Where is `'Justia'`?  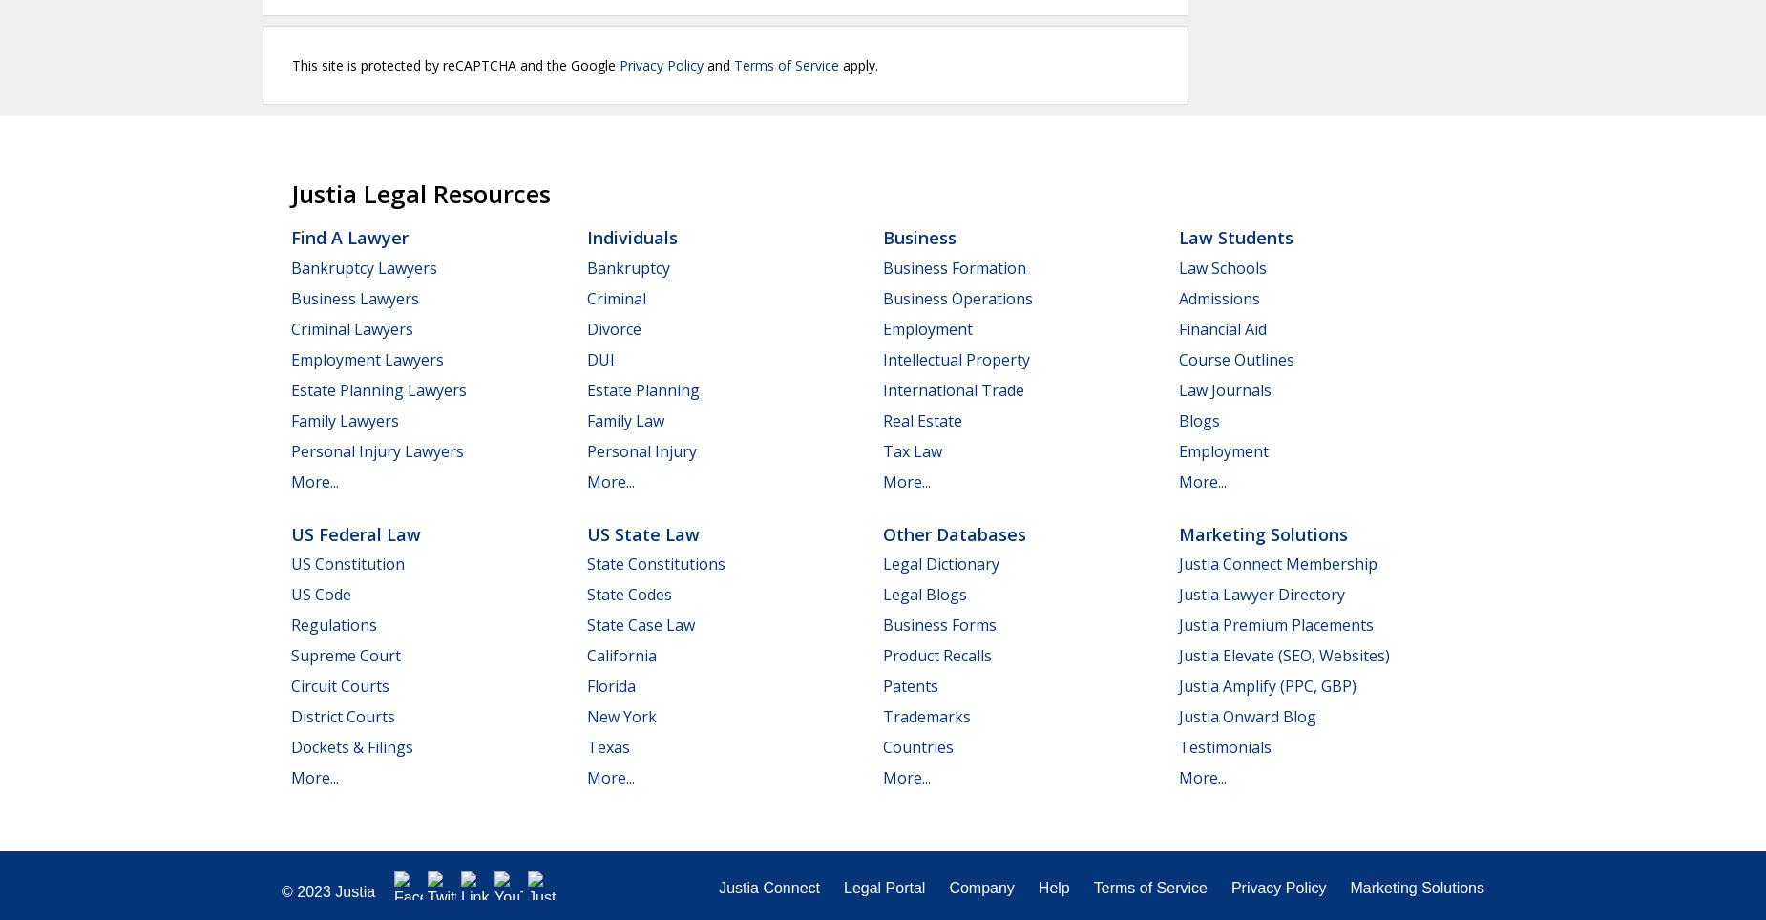
'Justia' is located at coordinates (354, 891).